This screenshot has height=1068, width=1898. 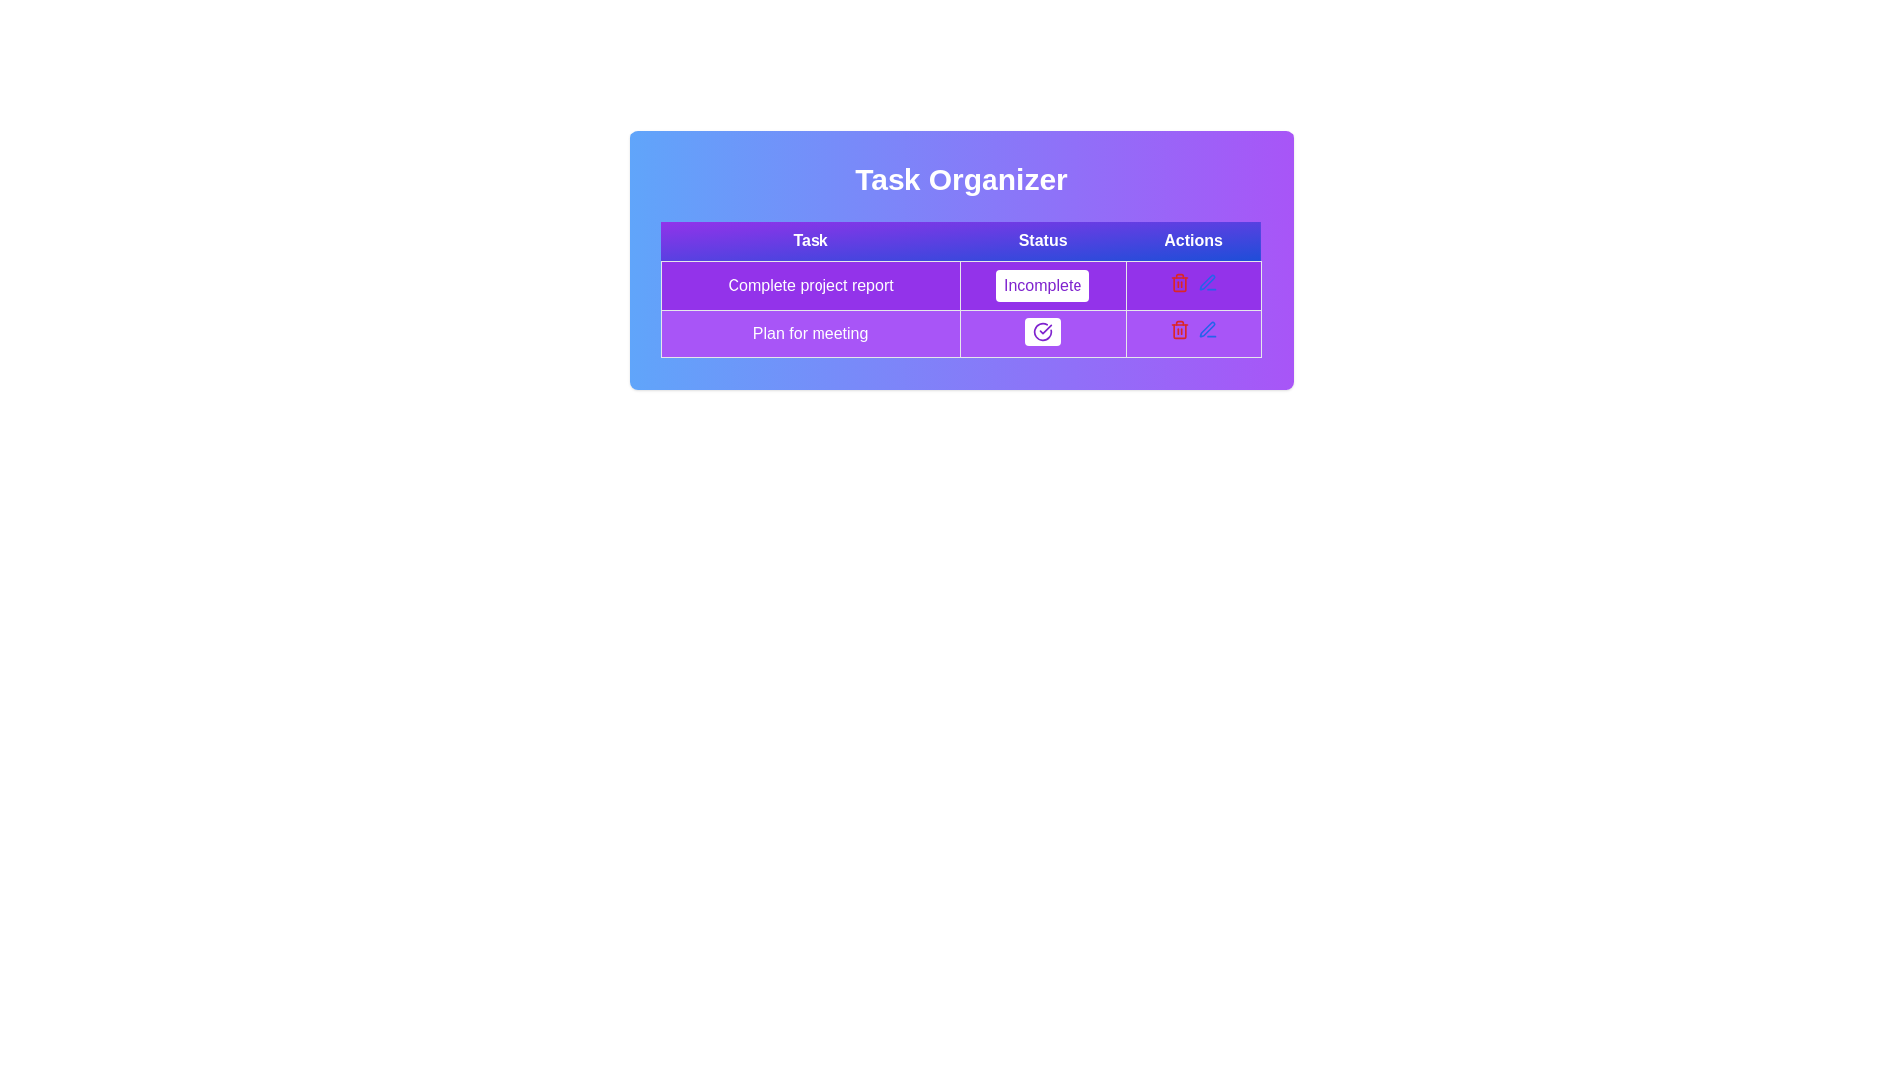 I want to click on the pen icon in the Actions column of the first row, so click(x=1205, y=327).